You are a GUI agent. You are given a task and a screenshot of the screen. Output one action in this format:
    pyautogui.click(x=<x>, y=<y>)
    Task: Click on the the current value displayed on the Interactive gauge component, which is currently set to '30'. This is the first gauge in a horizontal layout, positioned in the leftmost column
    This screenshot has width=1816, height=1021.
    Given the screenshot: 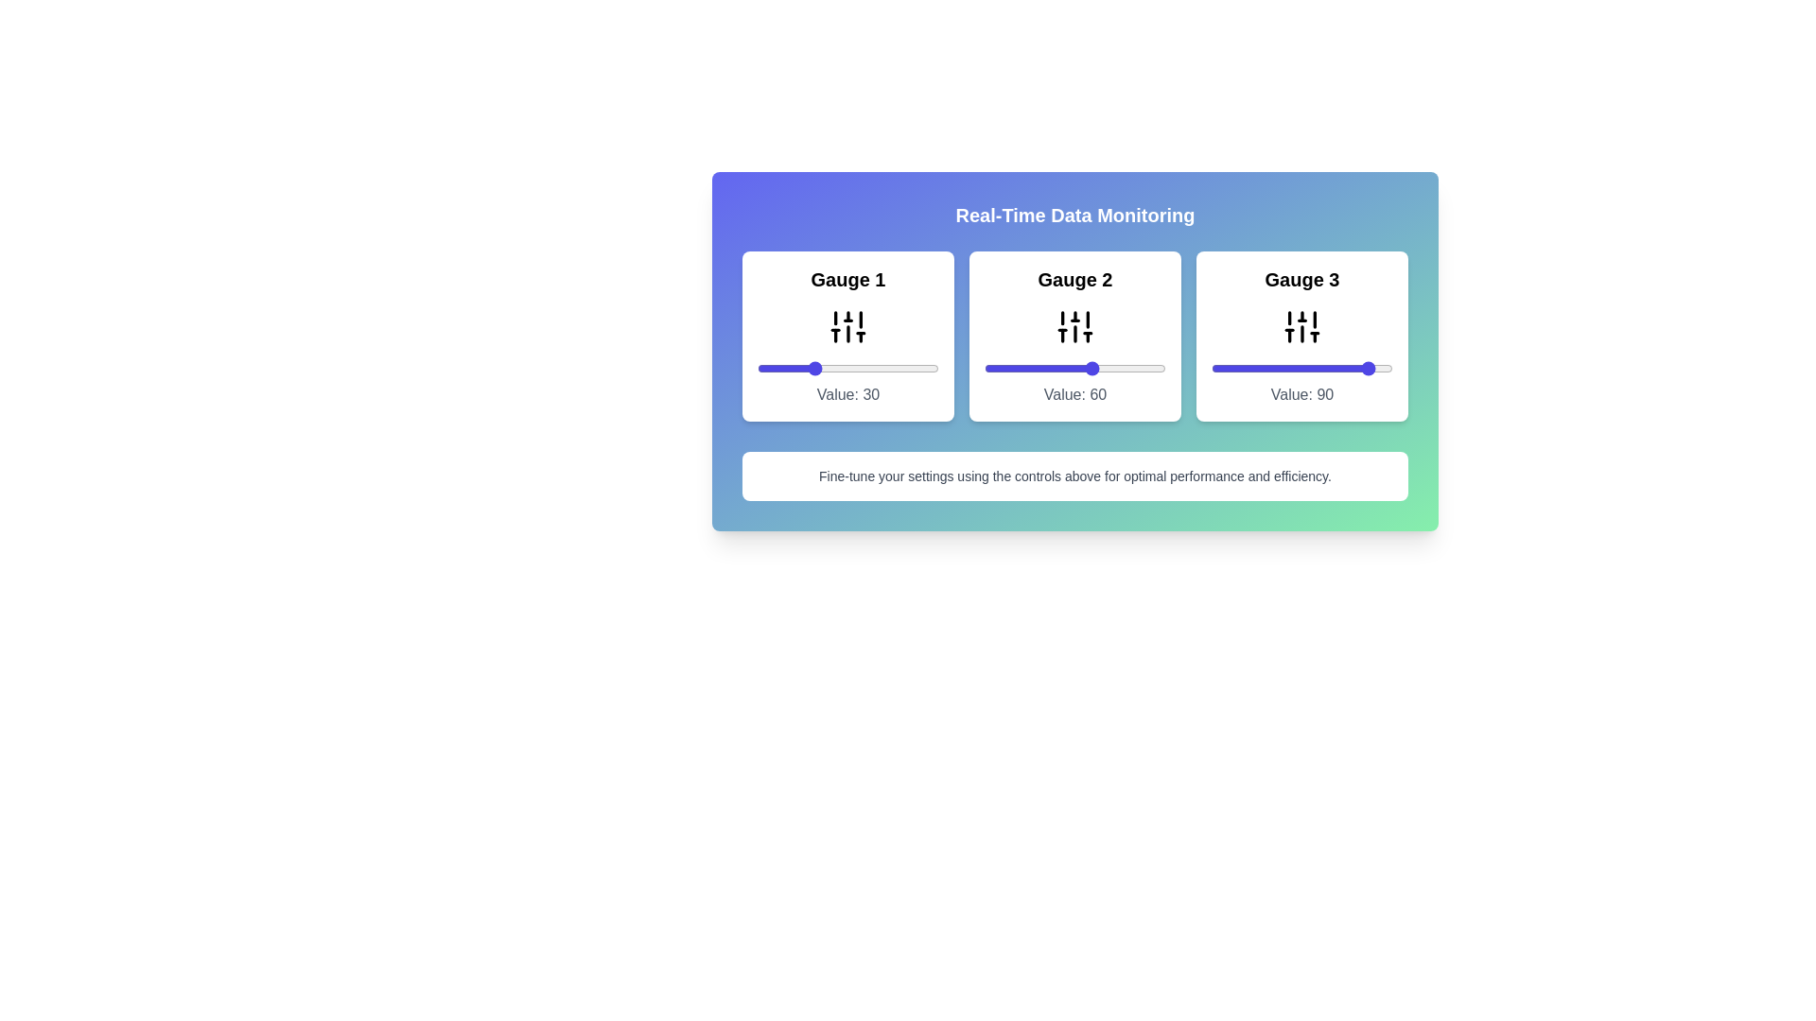 What is the action you would take?
    pyautogui.click(x=847, y=335)
    